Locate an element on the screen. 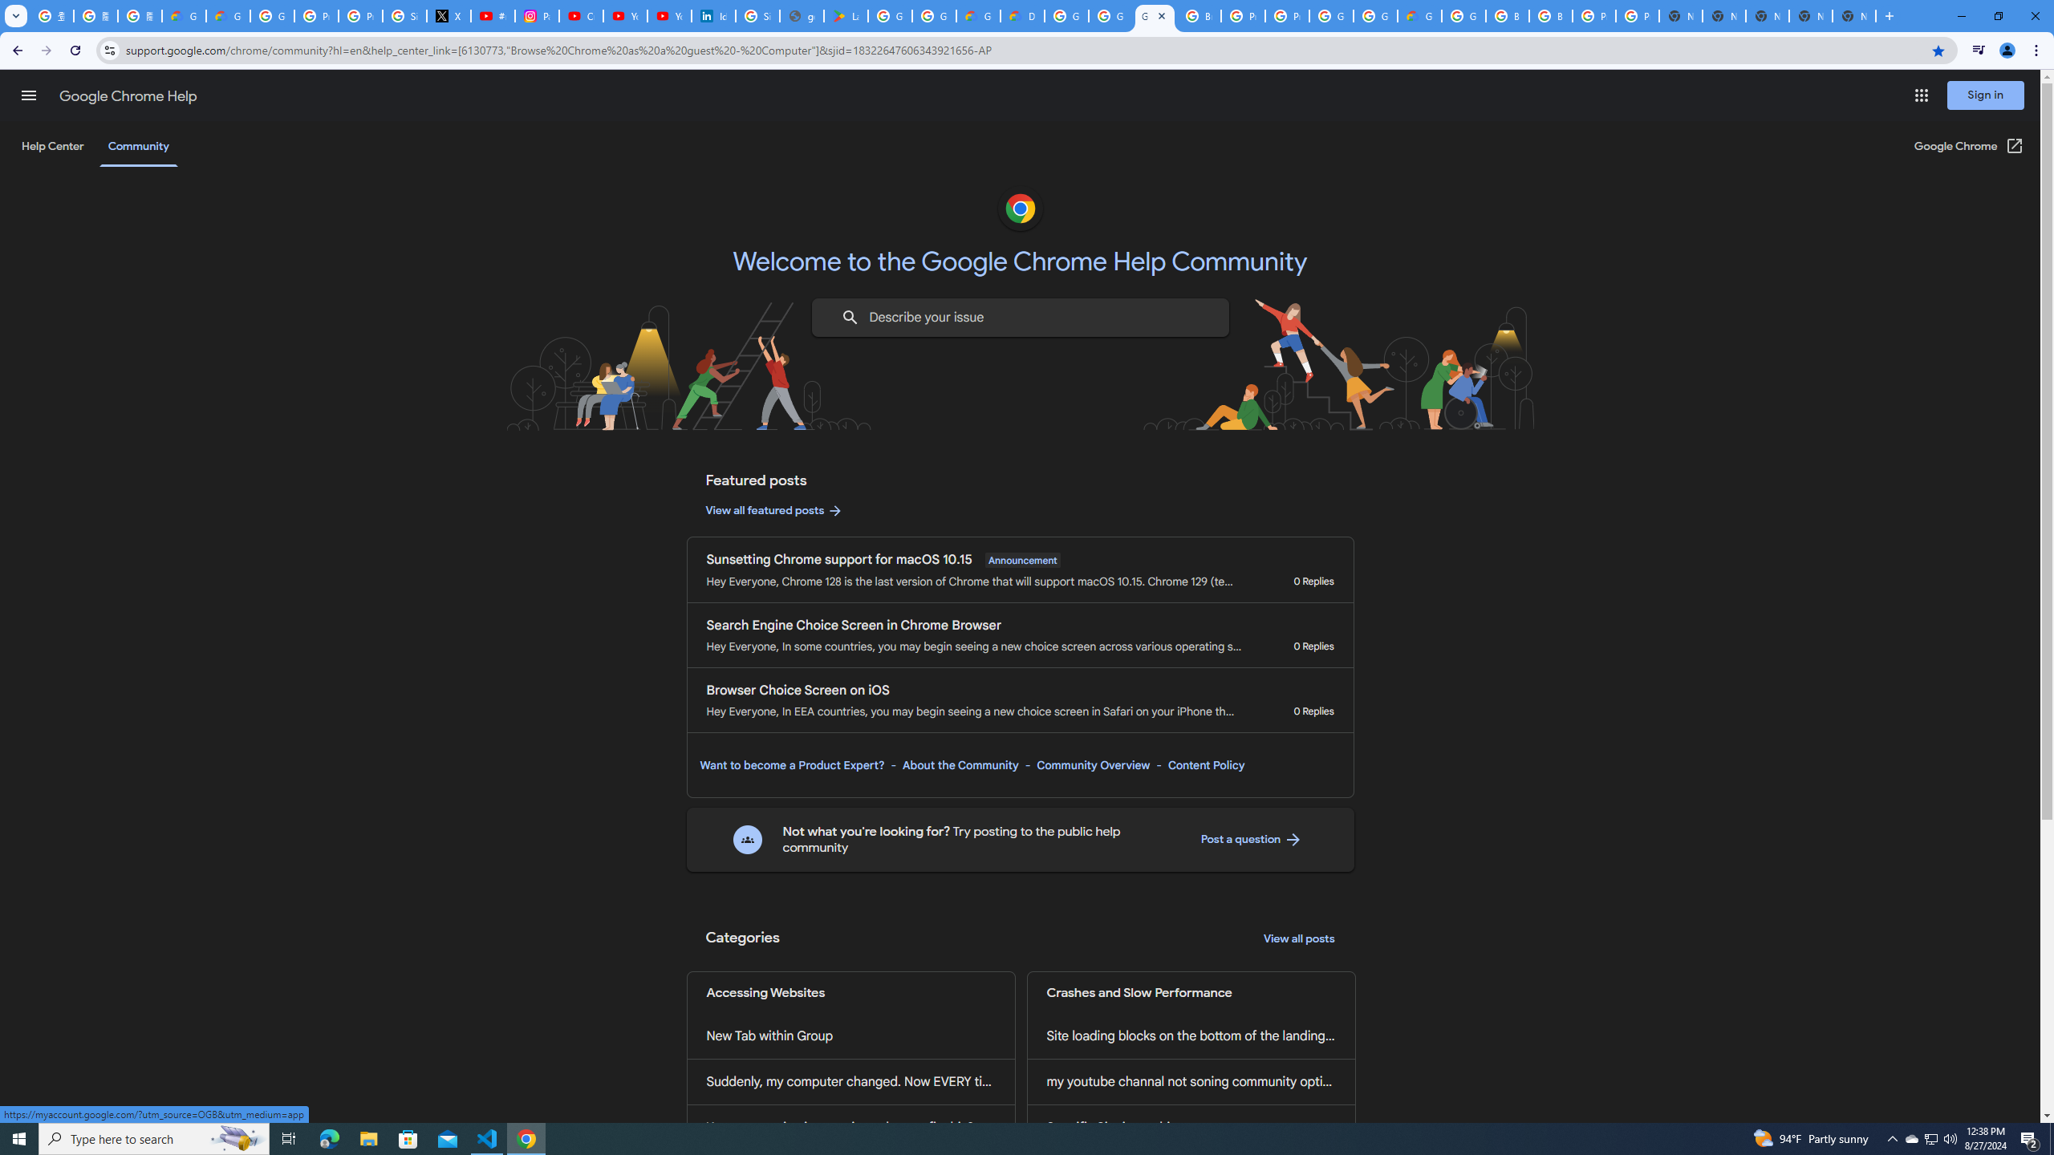 This screenshot has width=2054, height=1155. 'X' is located at coordinates (448, 15).